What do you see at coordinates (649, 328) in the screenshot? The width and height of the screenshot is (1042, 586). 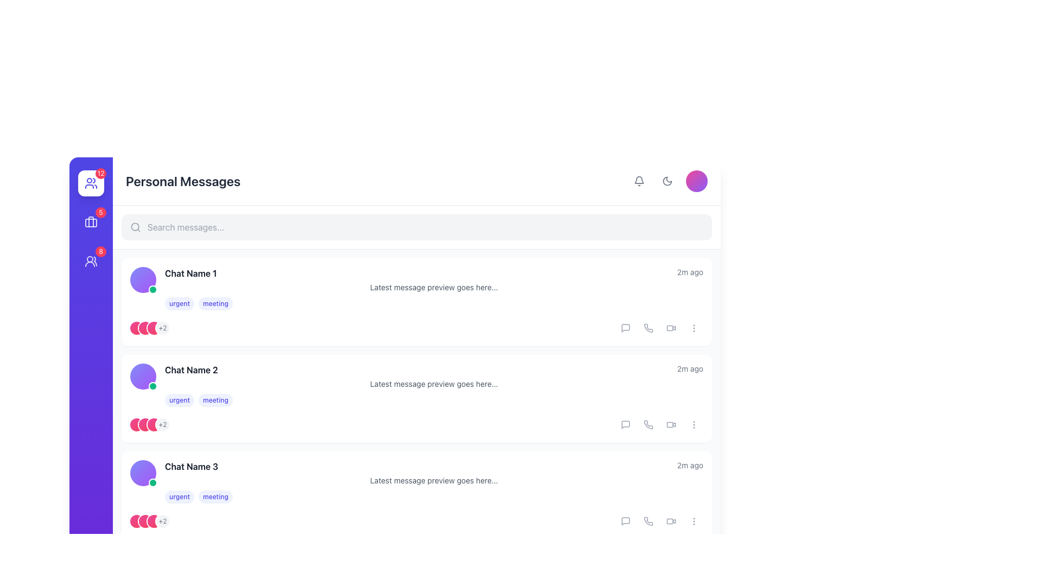 I see `the phone receiver icon, which is styled with thin, rounded lines and is part of the action buttons in the chat user interface, to initiate a call` at bounding box center [649, 328].